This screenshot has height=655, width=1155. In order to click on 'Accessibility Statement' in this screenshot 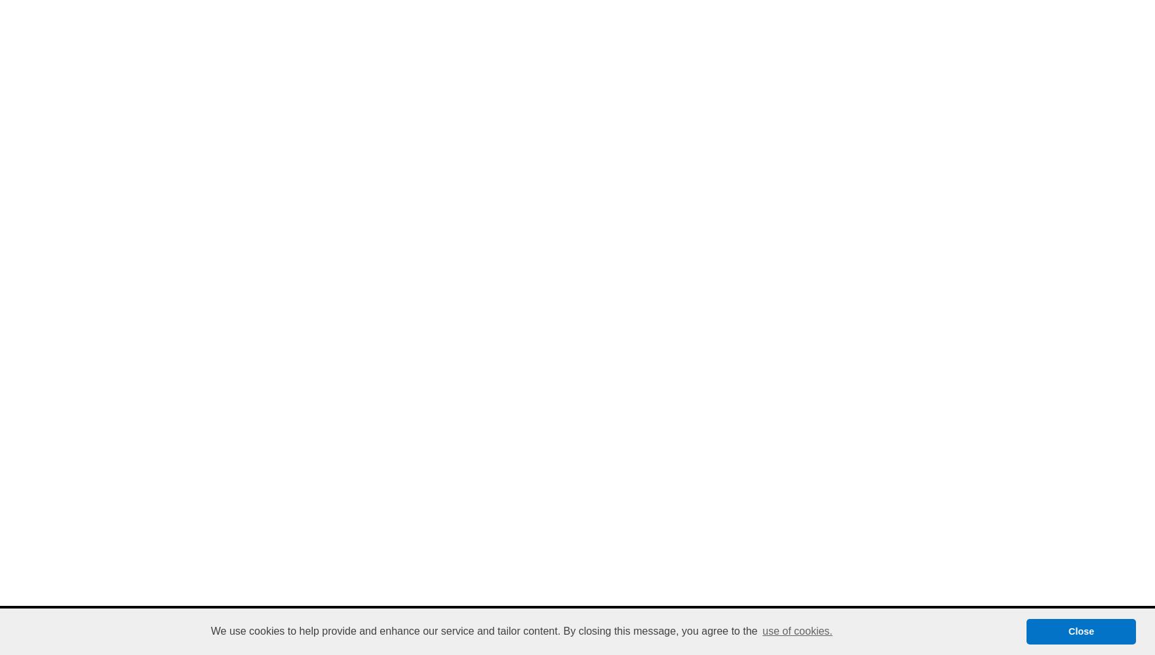, I will do `click(640, 622)`.